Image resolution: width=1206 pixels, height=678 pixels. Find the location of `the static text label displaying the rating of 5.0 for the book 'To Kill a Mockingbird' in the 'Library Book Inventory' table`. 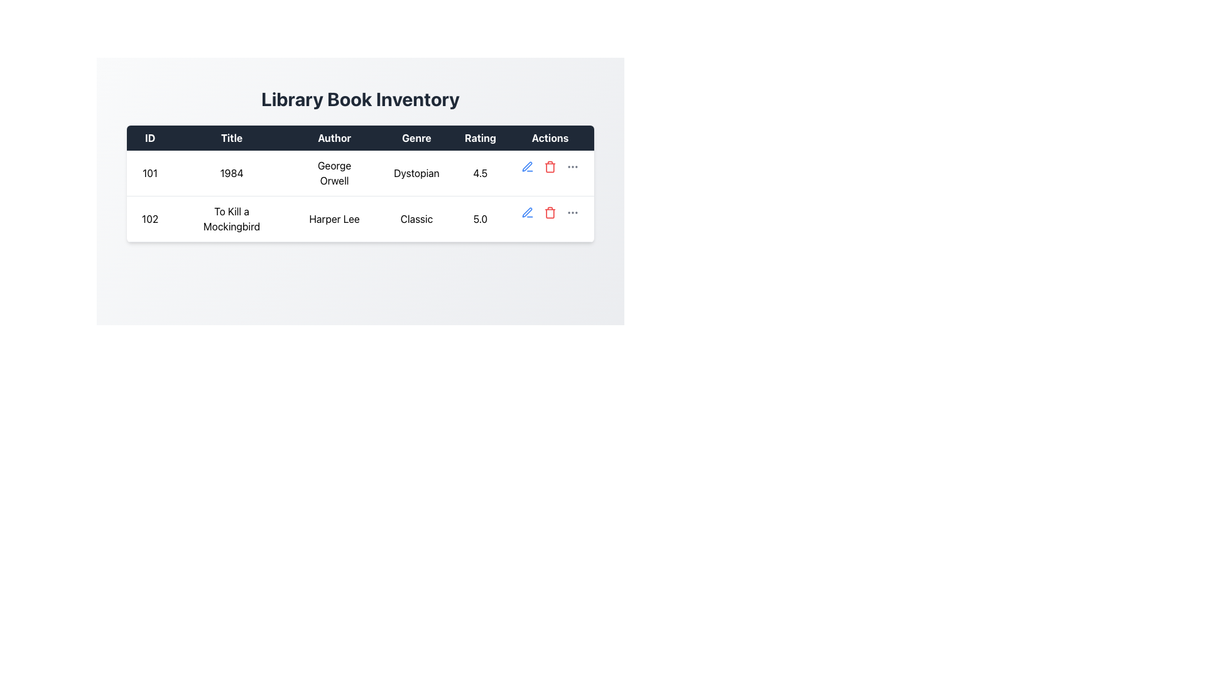

the static text label displaying the rating of 5.0 for the book 'To Kill a Mockingbird' in the 'Library Book Inventory' table is located at coordinates (479, 218).